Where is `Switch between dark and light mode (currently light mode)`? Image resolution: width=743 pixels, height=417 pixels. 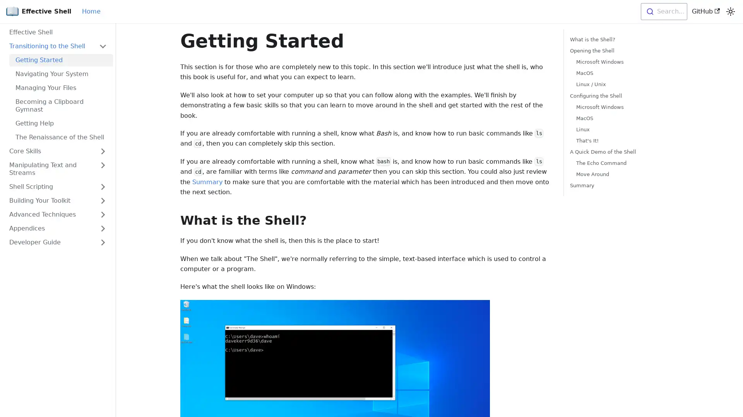 Switch between dark and light mode (currently light mode) is located at coordinates (730, 12).